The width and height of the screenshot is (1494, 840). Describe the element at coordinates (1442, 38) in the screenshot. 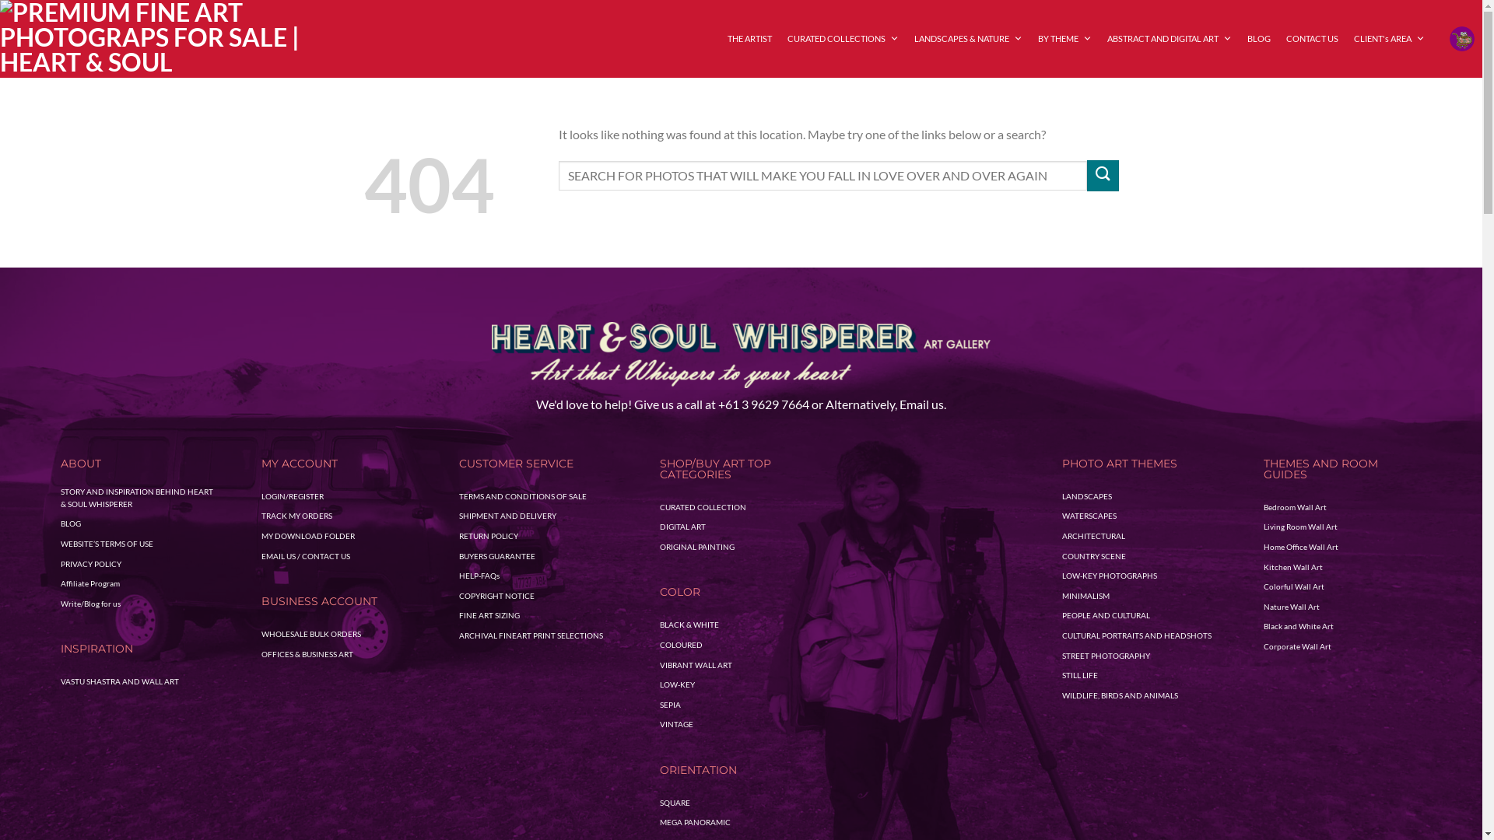

I see `'Cart'` at that location.